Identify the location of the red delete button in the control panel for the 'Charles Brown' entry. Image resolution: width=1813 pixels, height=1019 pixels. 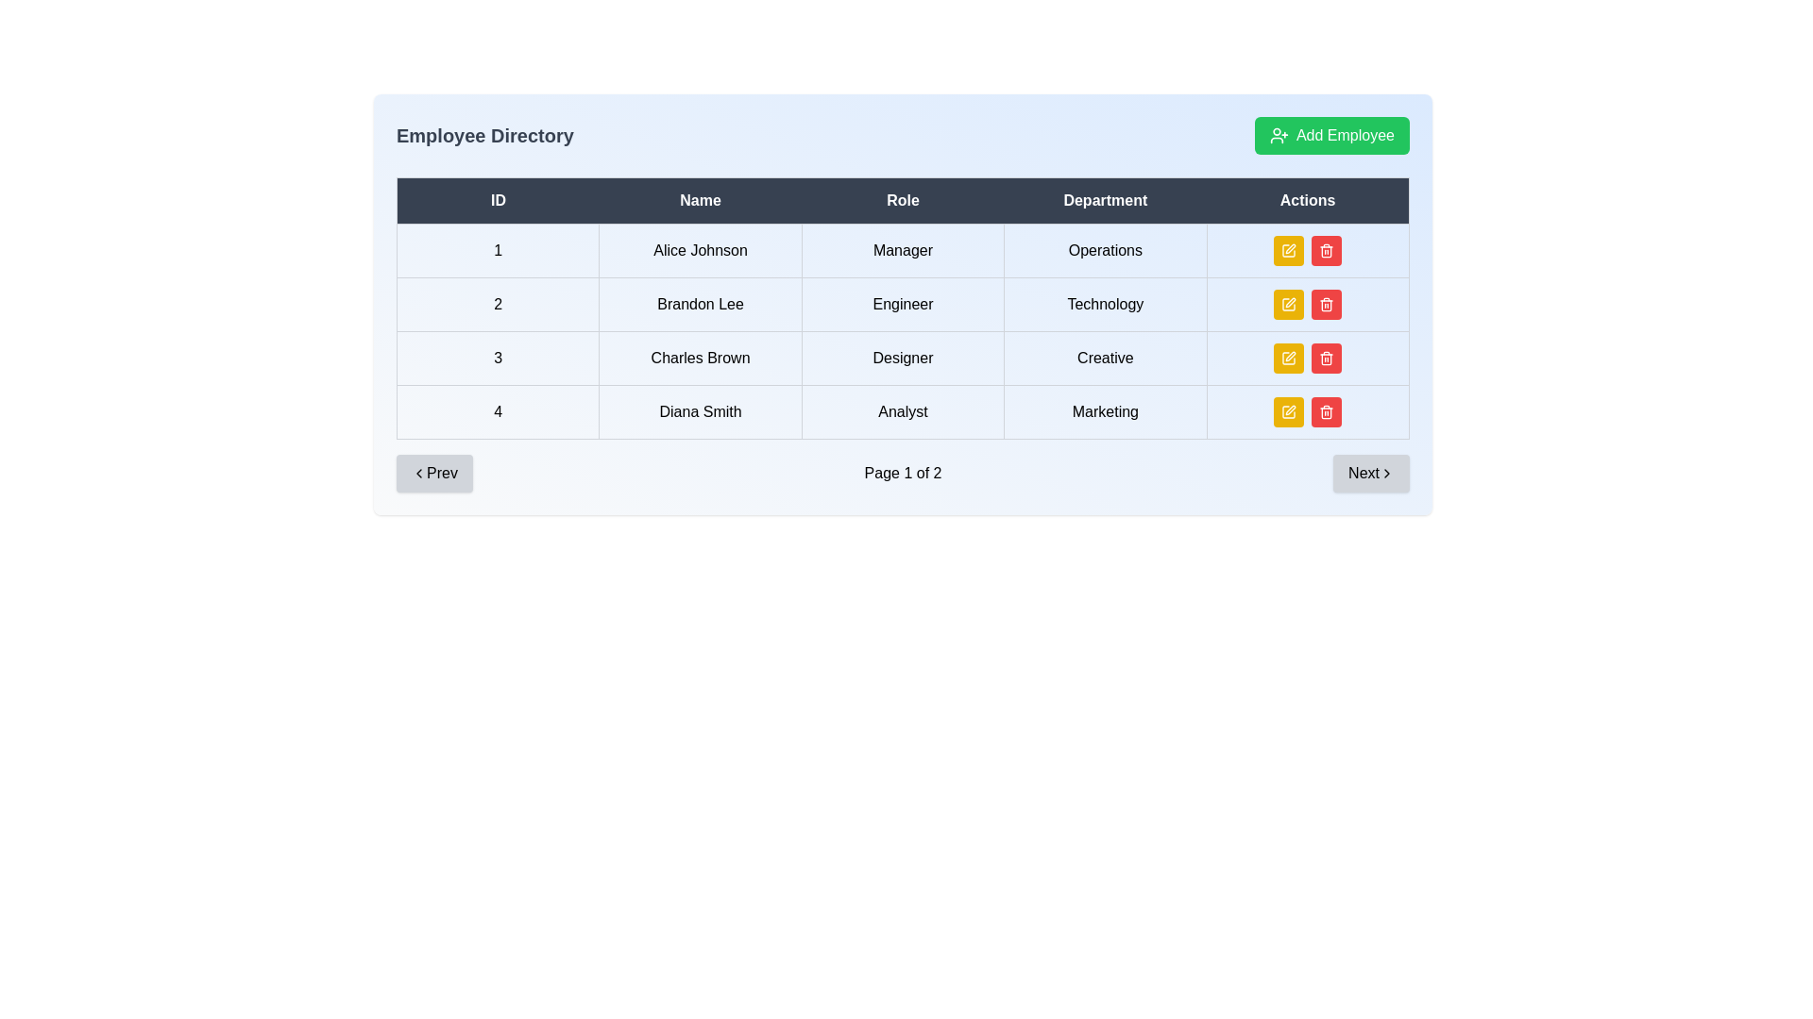
(1307, 359).